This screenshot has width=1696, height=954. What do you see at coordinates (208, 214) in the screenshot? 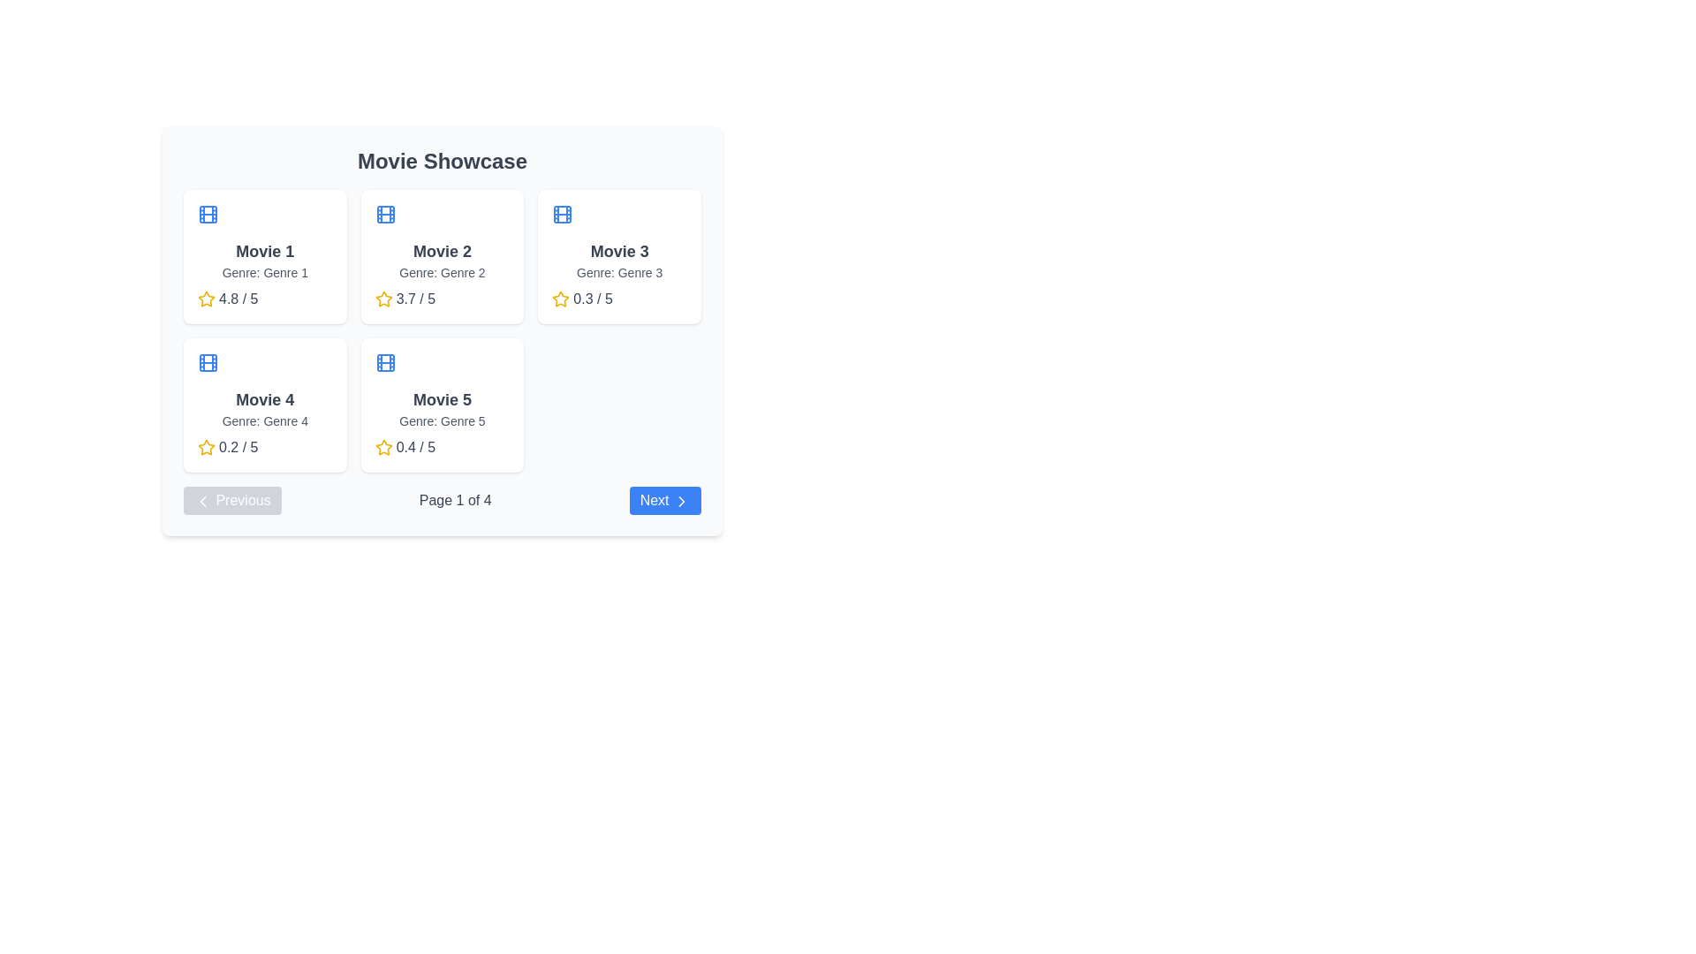
I see `the movie icon located at the top left corner of the first card, which symbolizes a movie or video, positioned to the left of the text 'Movie 1'` at bounding box center [208, 214].